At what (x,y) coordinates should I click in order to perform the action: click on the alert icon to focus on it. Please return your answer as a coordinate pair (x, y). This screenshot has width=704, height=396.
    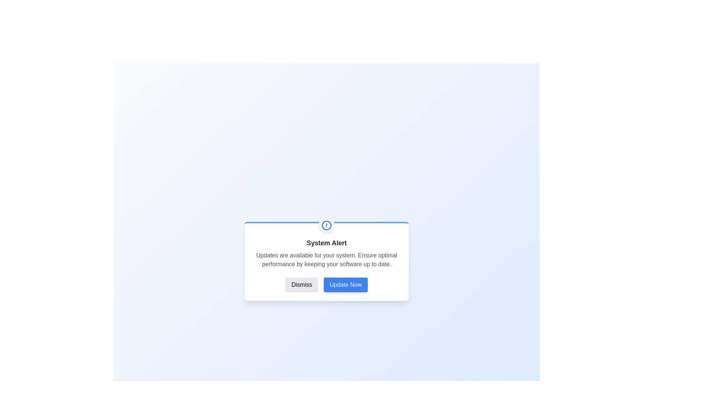
    Looking at the image, I should click on (326, 225).